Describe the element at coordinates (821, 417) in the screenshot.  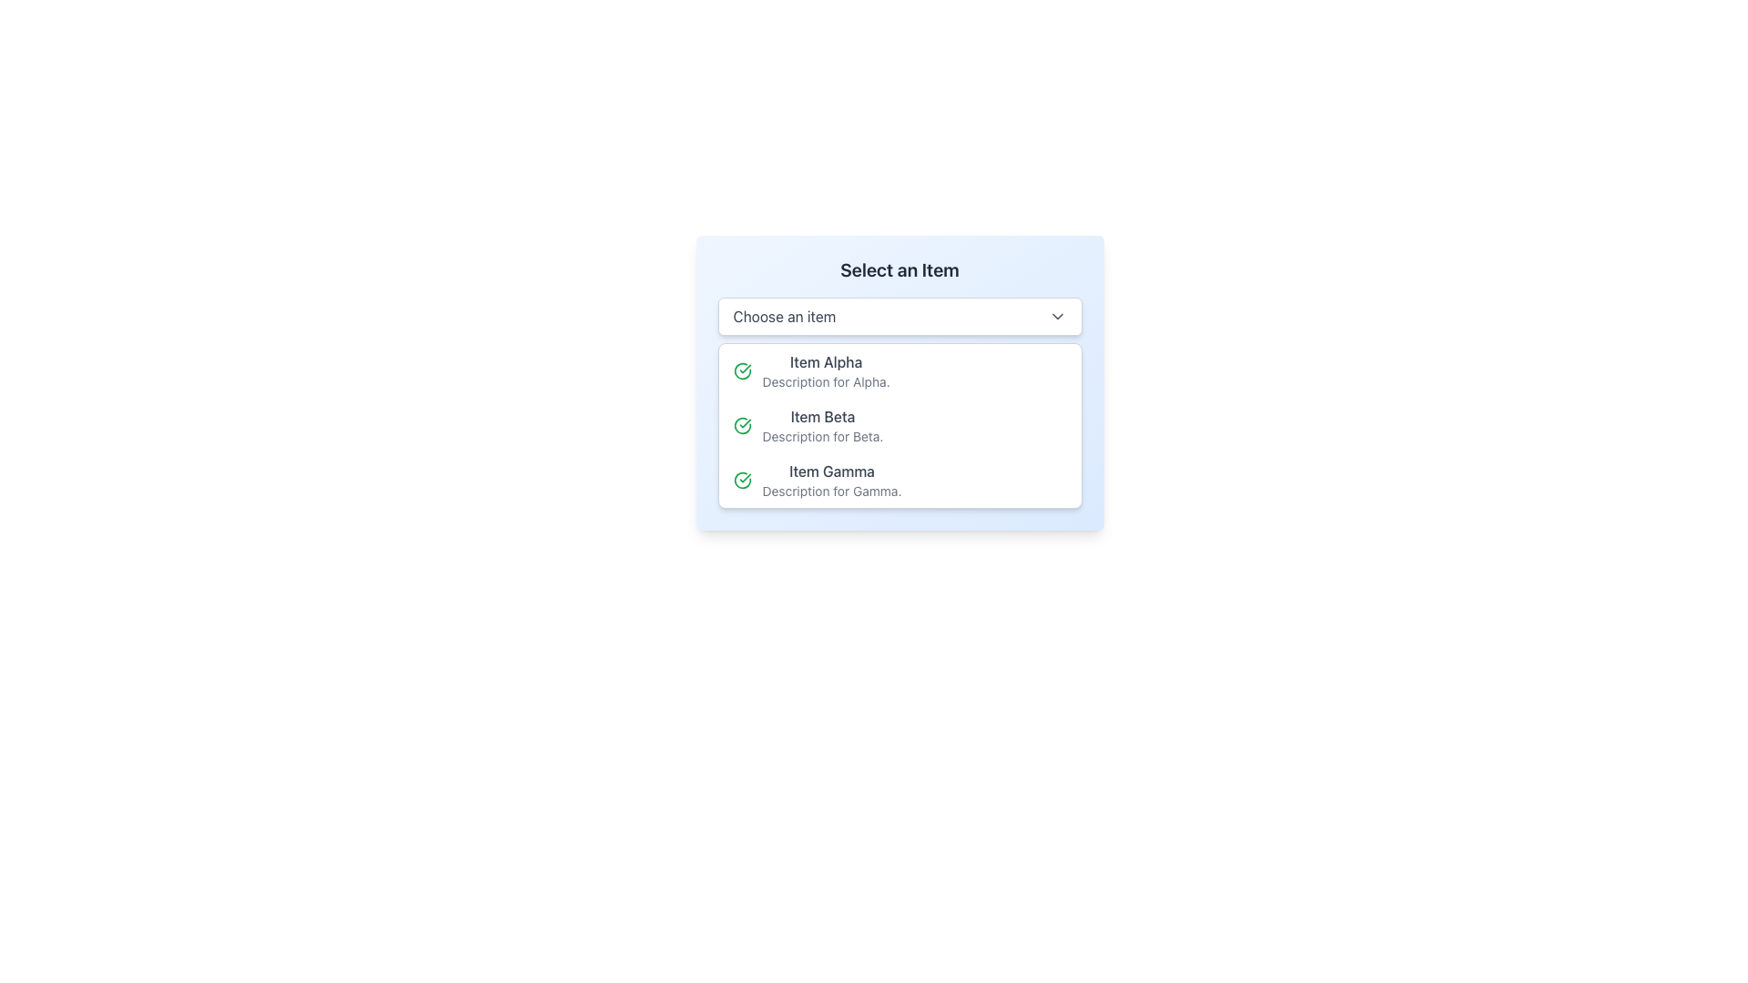
I see `the static text label displaying 'Item Beta', which is styled as a subtitle in gray and positioned above the description text 'Description for Beta'` at that location.